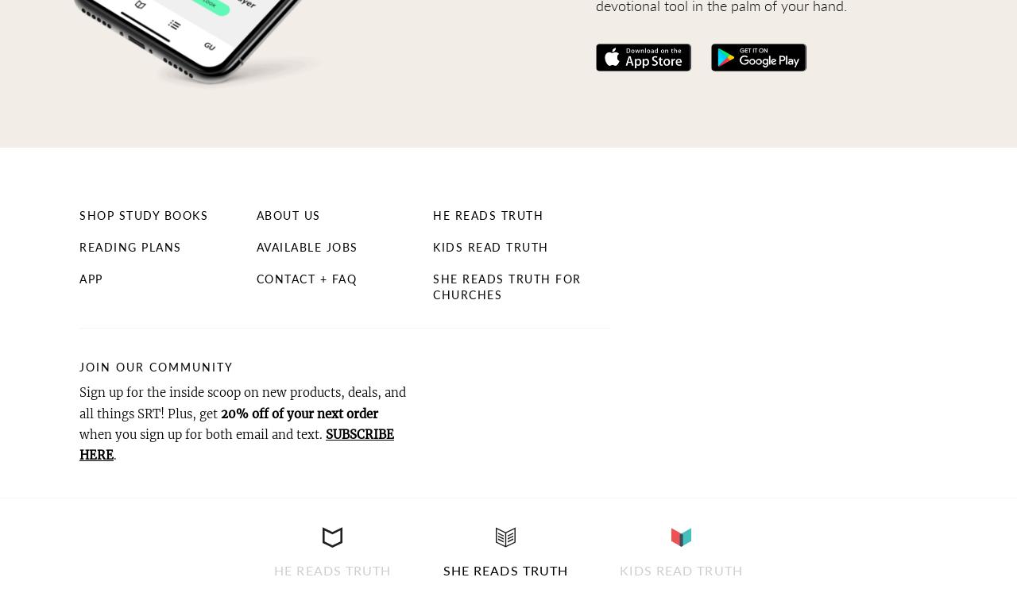 The height and width of the screenshot is (608, 1017). I want to click on 'App', so click(78, 278).